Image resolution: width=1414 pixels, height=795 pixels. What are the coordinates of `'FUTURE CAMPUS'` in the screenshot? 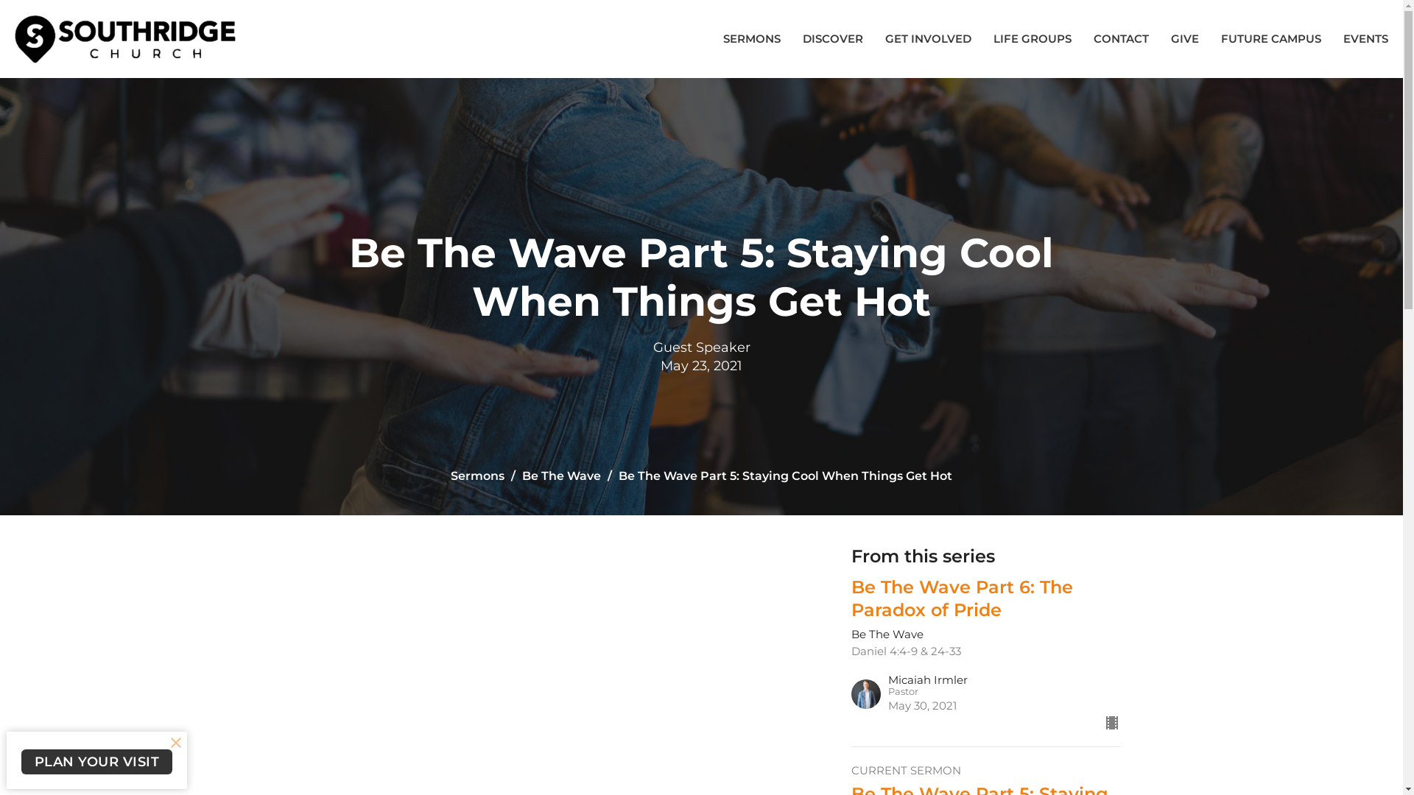 It's located at (1270, 38).